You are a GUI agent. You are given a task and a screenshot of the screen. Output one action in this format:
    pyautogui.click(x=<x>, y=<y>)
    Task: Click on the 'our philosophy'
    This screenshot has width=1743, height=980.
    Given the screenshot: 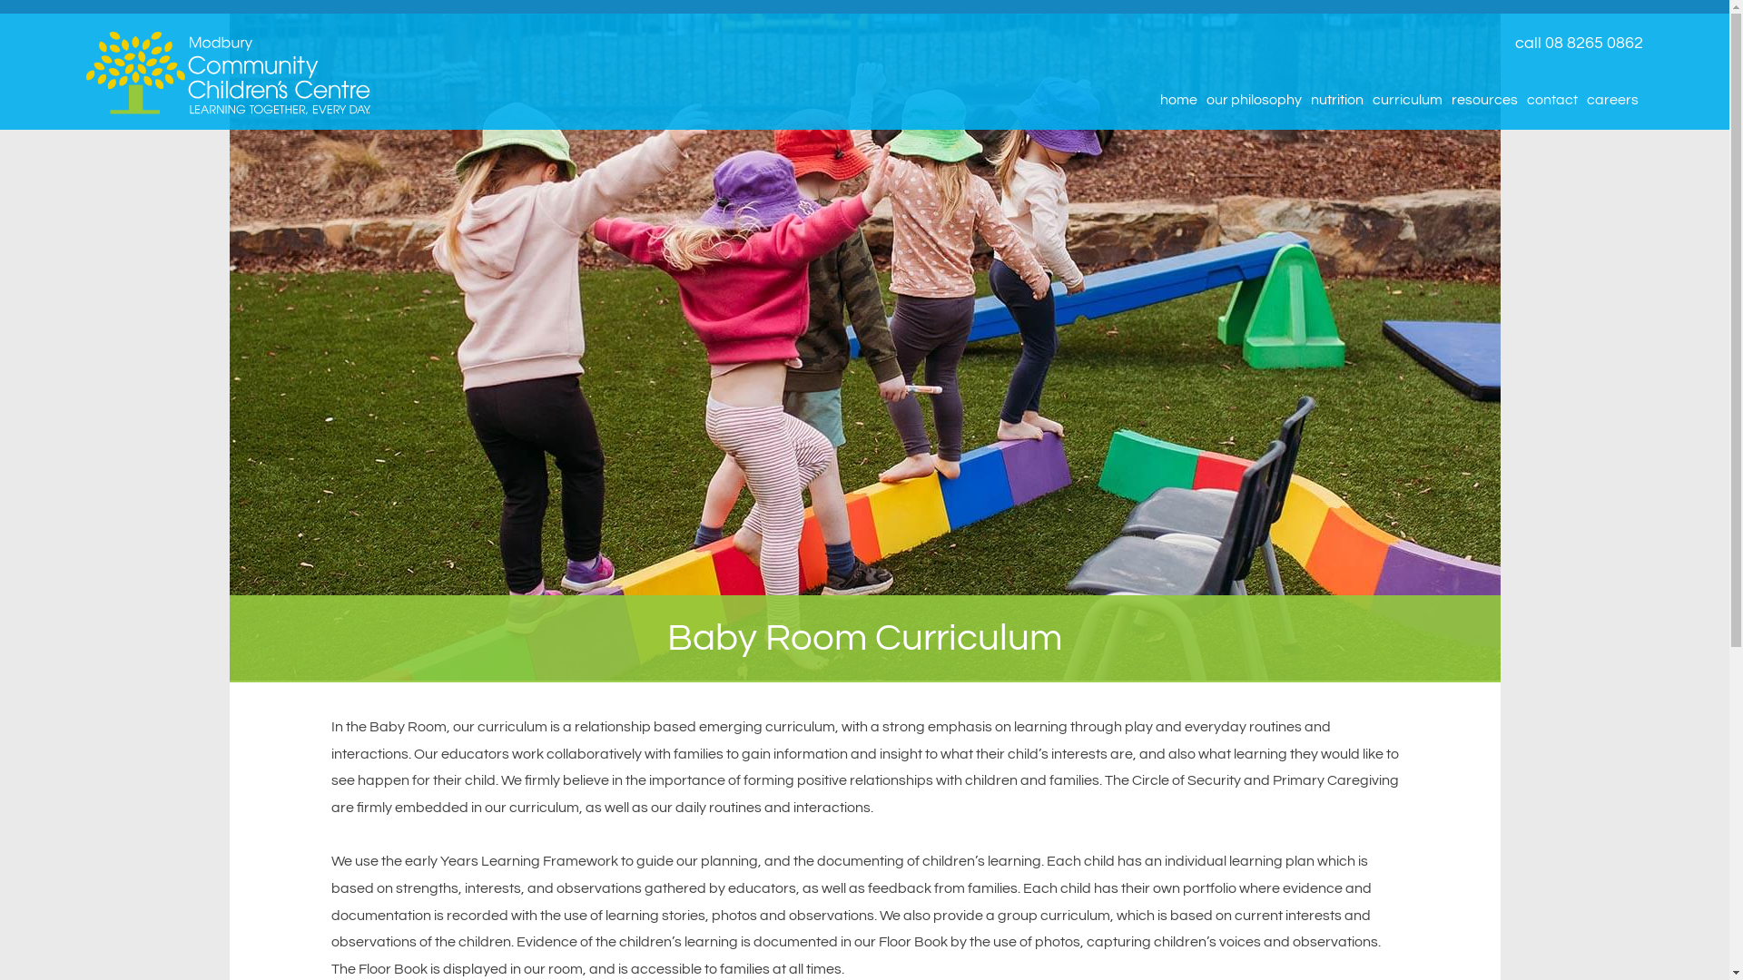 What is the action you would take?
    pyautogui.click(x=1253, y=101)
    